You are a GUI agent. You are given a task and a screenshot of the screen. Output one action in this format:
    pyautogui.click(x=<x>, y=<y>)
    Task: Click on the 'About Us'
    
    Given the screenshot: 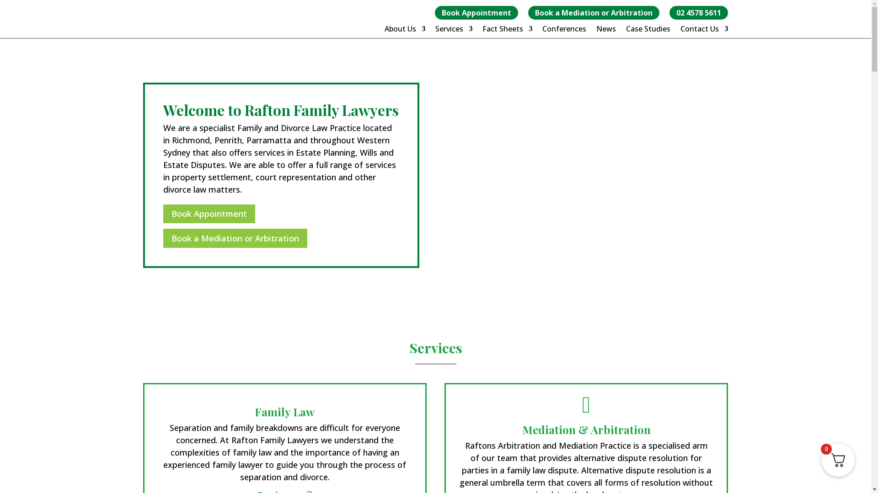 What is the action you would take?
    pyautogui.click(x=404, y=30)
    